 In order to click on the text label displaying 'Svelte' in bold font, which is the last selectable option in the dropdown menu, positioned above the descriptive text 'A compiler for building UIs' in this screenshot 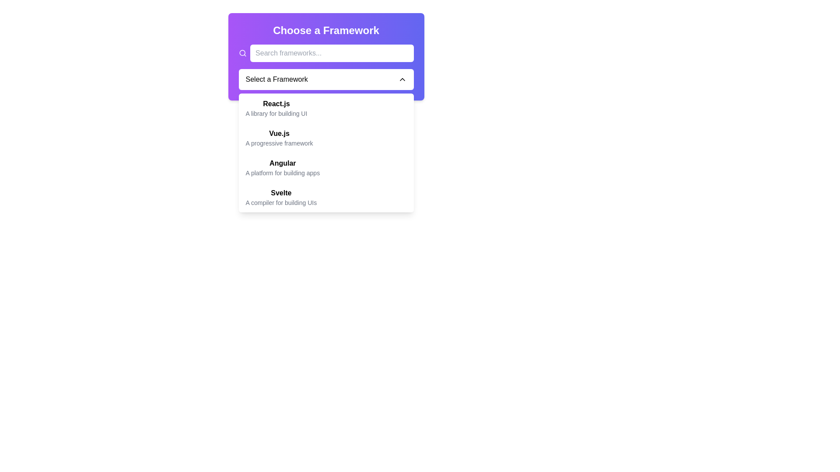, I will do `click(281, 192)`.